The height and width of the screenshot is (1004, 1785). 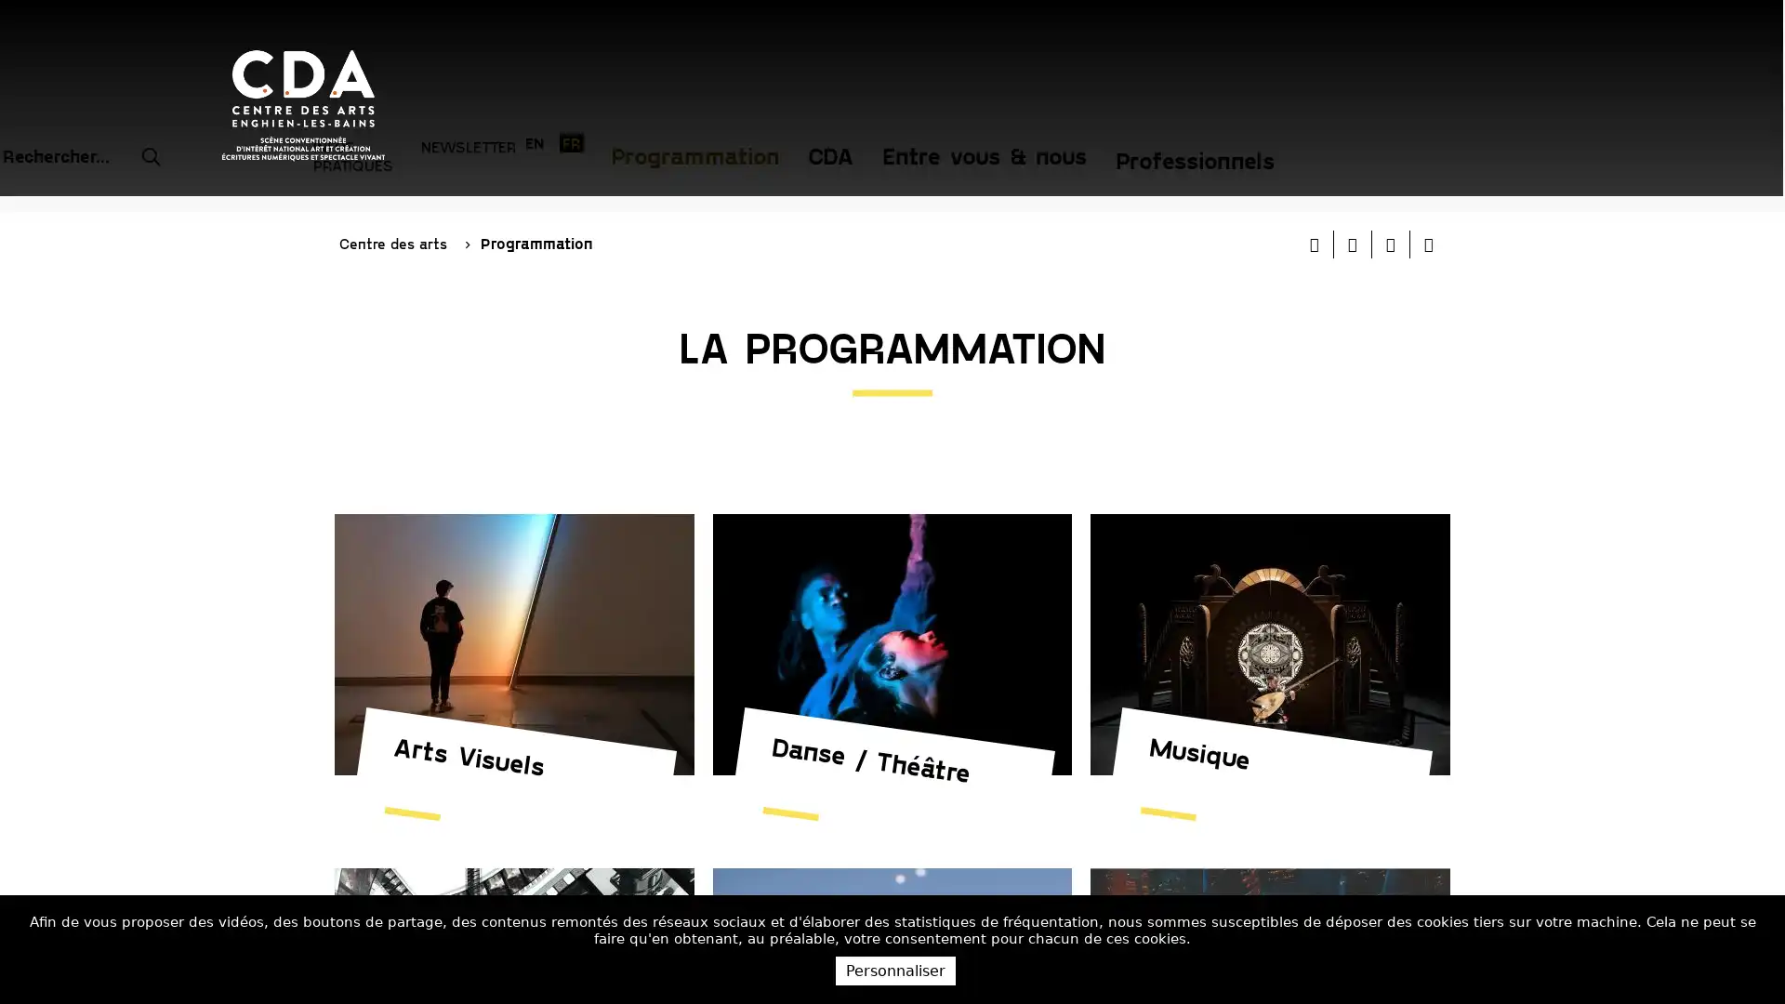 I want to click on Rechercher sur tout le site, so click(x=941, y=36).